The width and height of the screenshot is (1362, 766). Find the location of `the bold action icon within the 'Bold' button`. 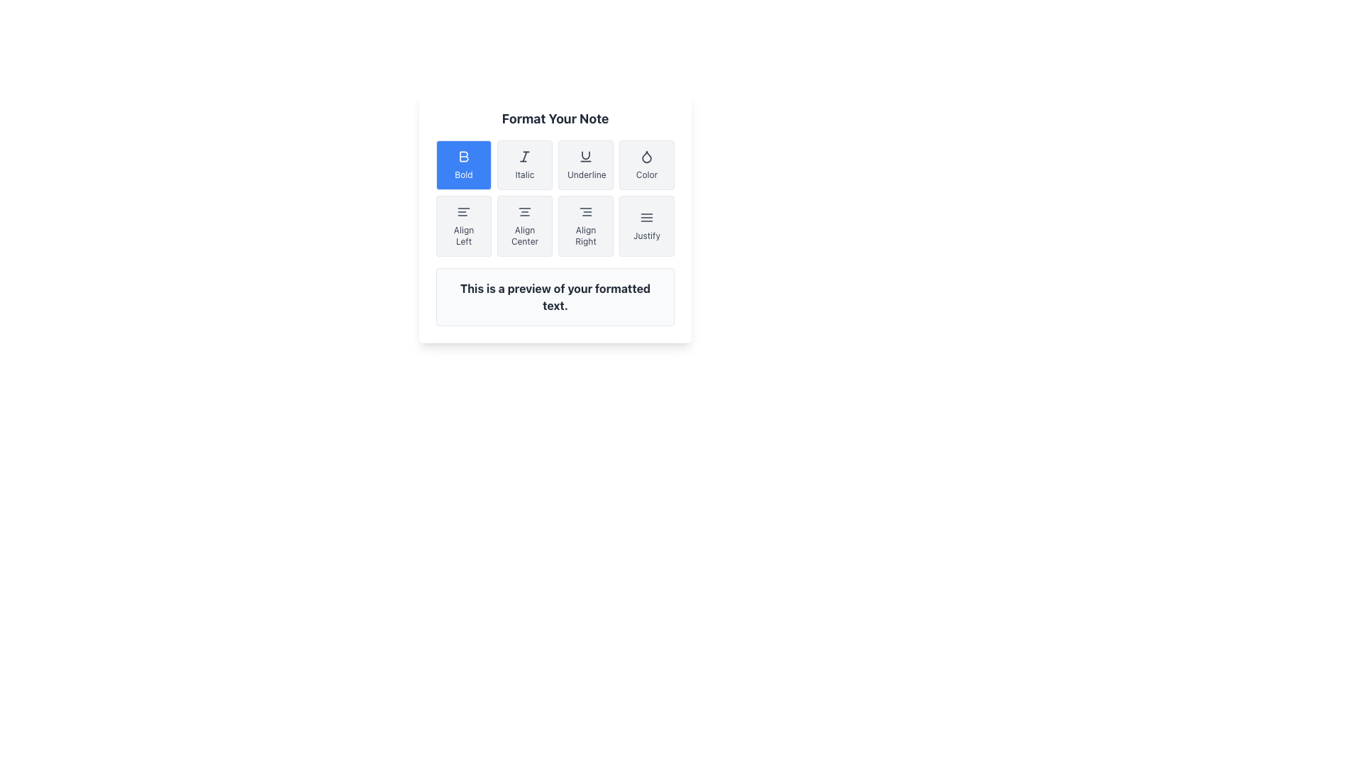

the bold action icon within the 'Bold' button is located at coordinates (463, 156).